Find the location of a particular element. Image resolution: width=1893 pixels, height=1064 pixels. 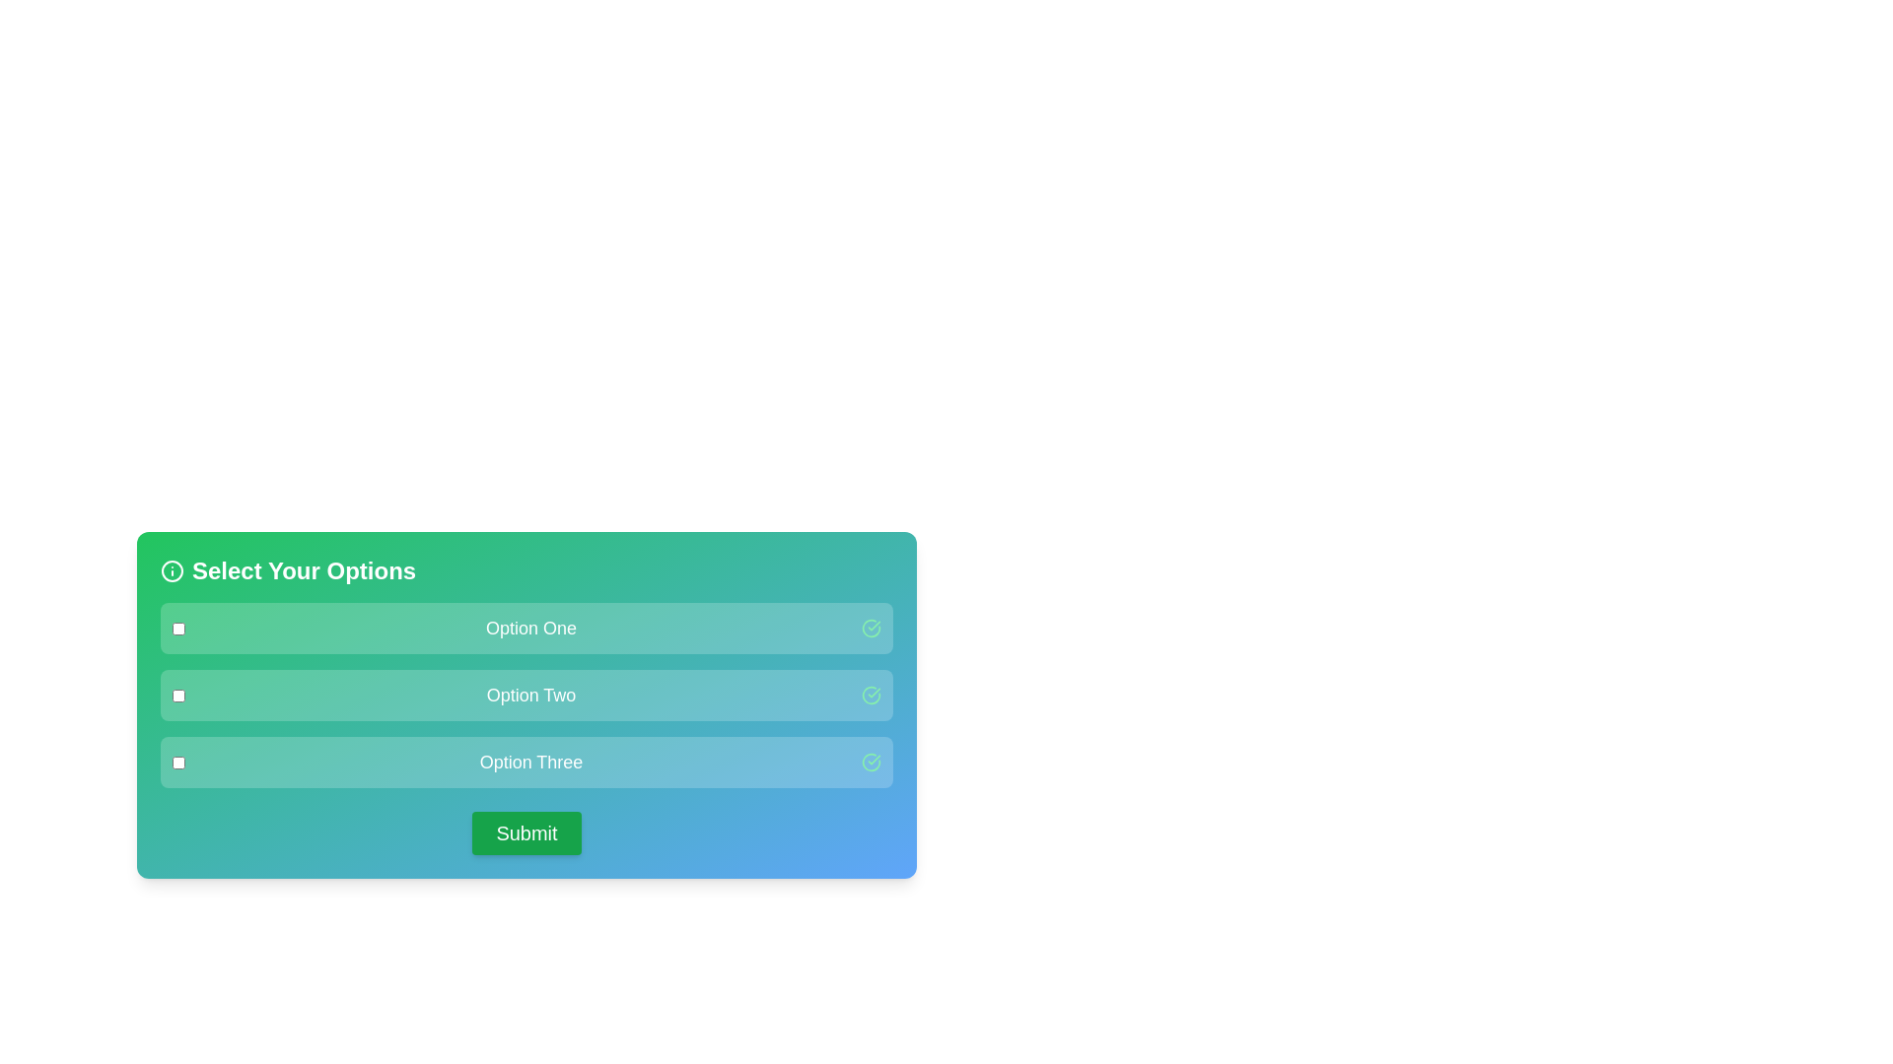

the label of the option Option Two is located at coordinates (530, 694).